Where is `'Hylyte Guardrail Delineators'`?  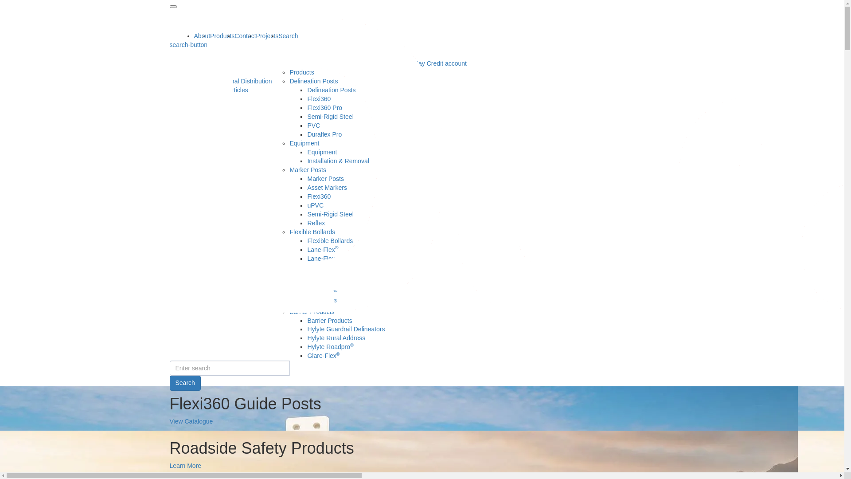 'Hylyte Guardrail Delineators' is located at coordinates (345, 329).